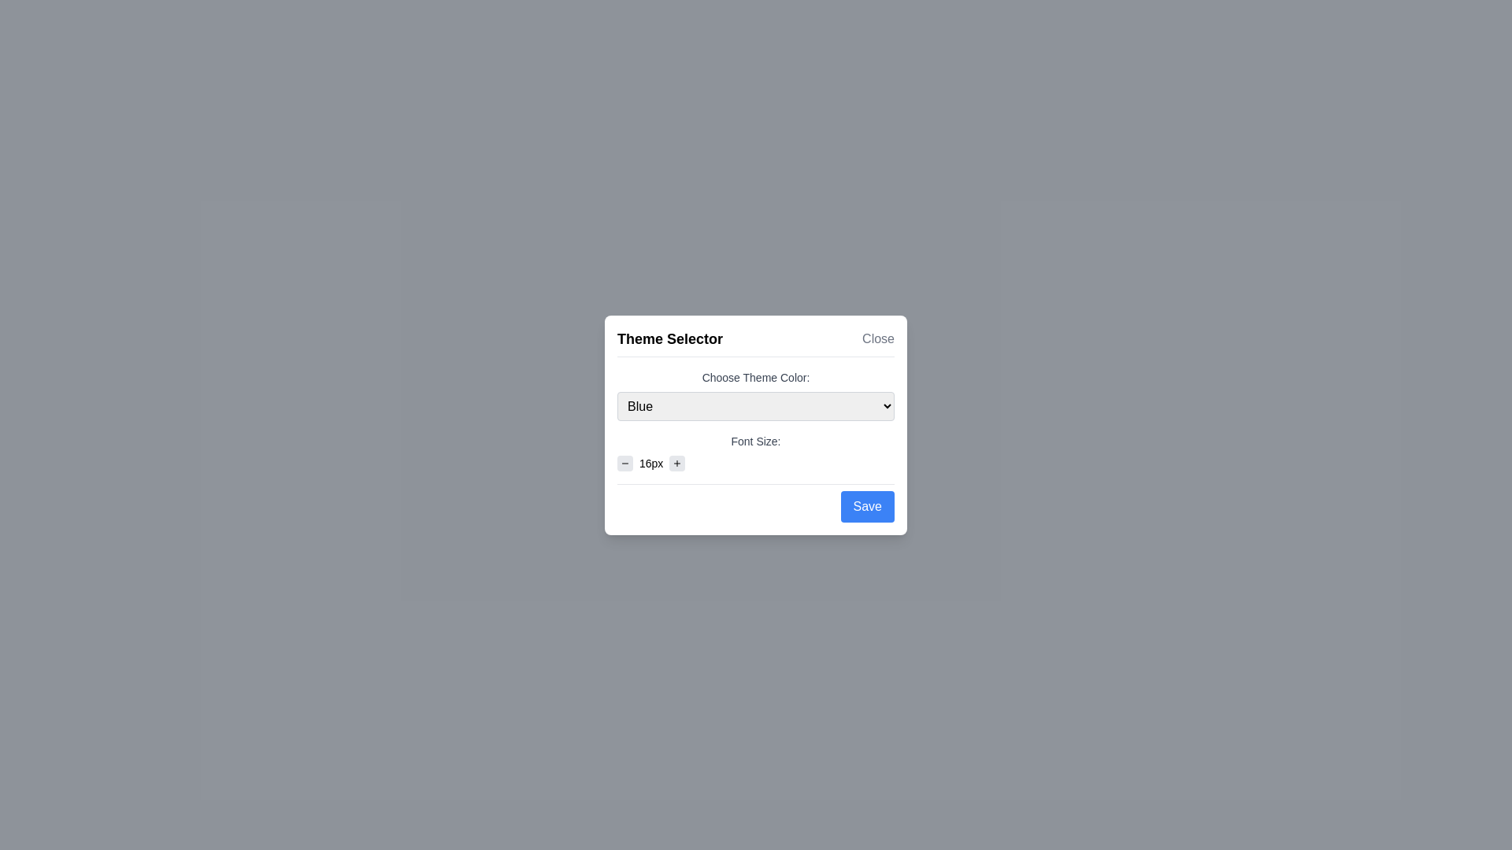  What do you see at coordinates (624, 462) in the screenshot?
I see `the button to the left of the '16px' label in the 'Font Size' adjustment section to decrease the font size` at bounding box center [624, 462].